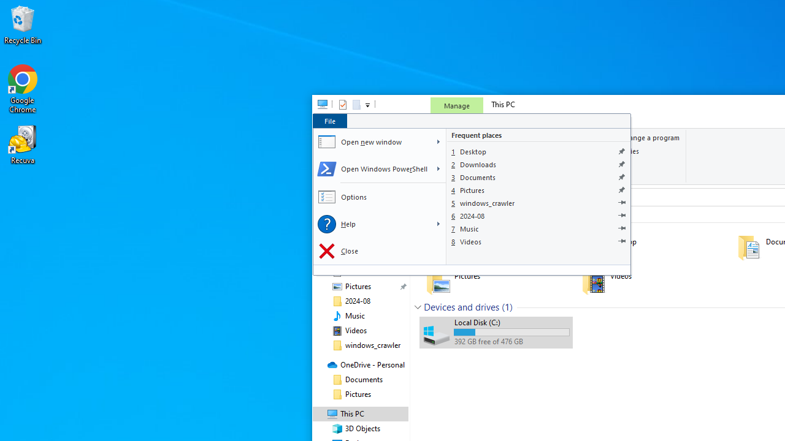  Describe the element at coordinates (538, 228) in the screenshot. I see `'Music'` at that location.